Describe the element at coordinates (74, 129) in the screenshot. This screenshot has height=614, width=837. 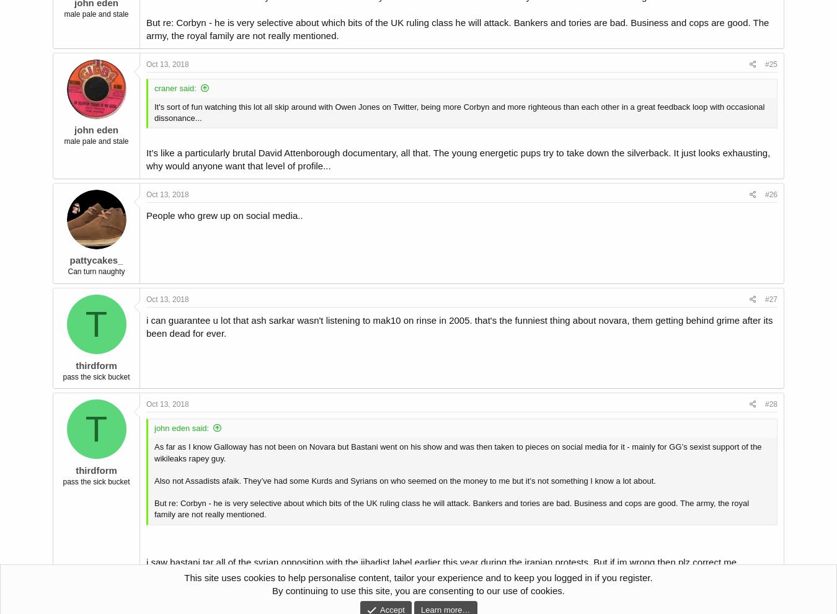
I see `'john eden'` at that location.